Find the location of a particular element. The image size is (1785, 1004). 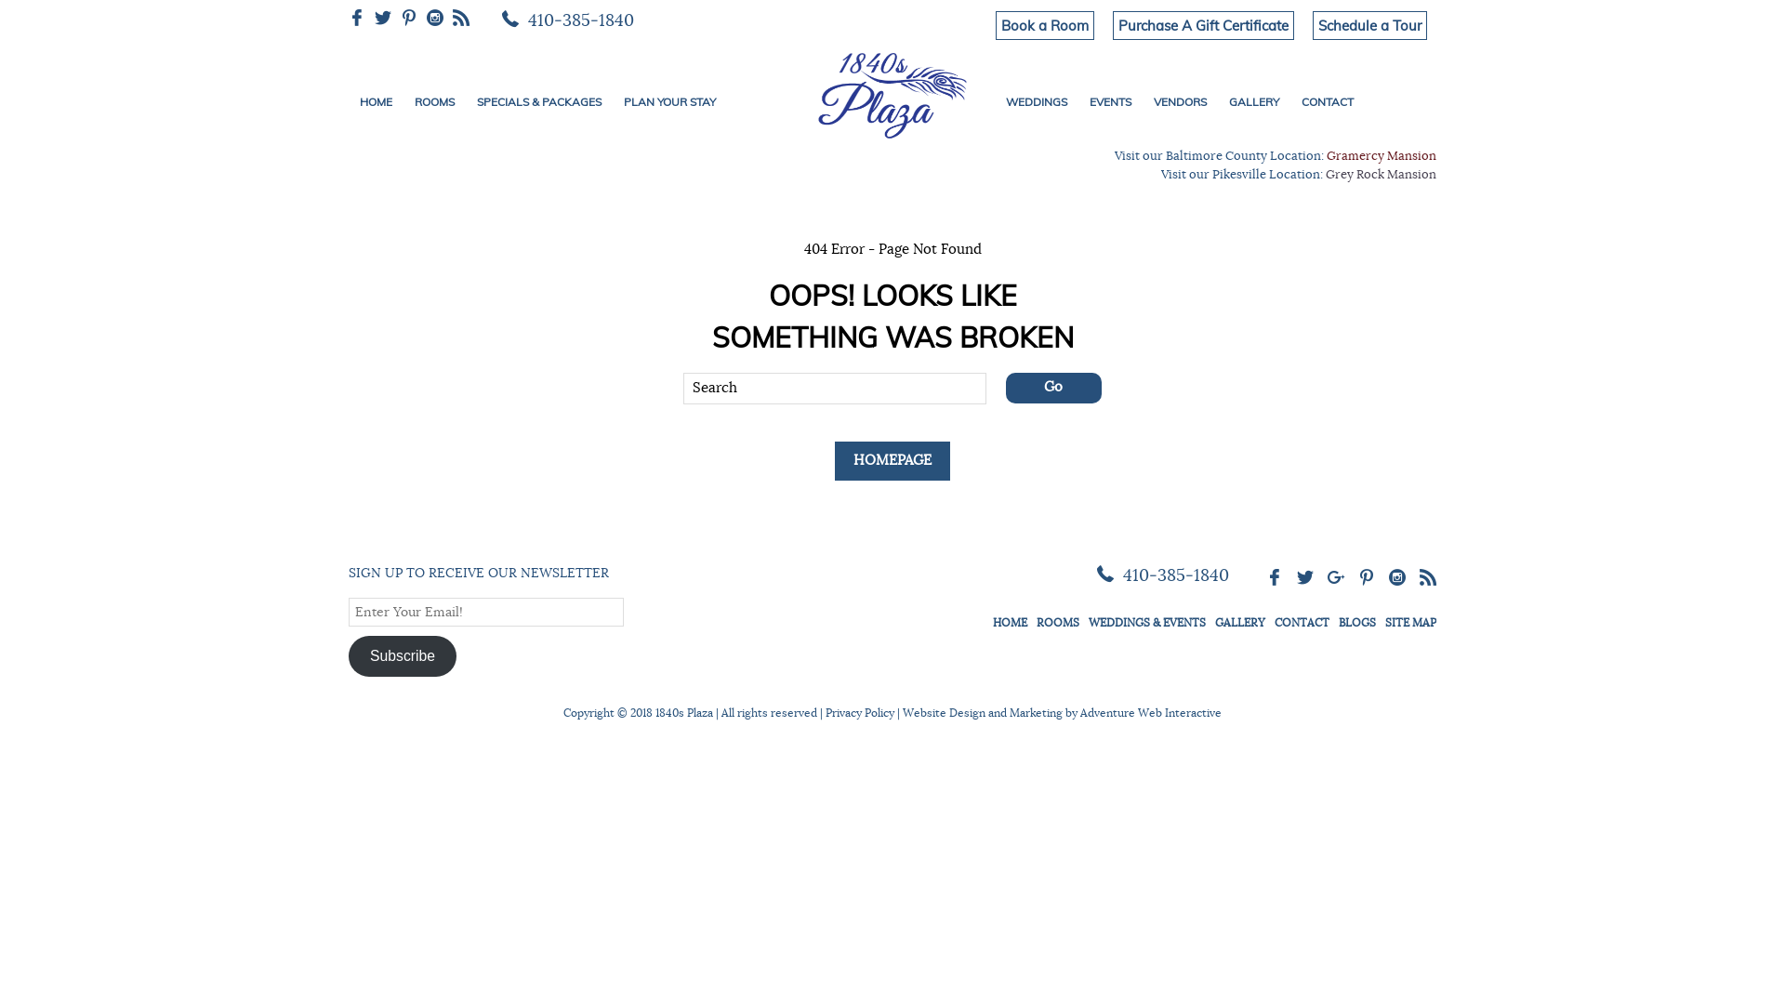

'1840s Plaza' is located at coordinates (891, 92).